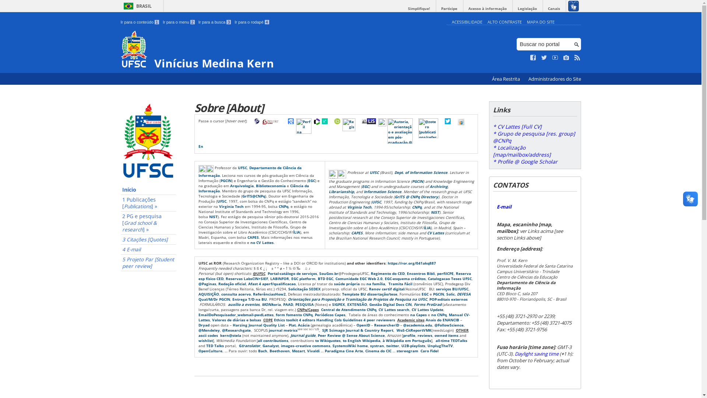  Describe the element at coordinates (386, 325) in the screenshot. I see `'ResearcherID'` at that location.